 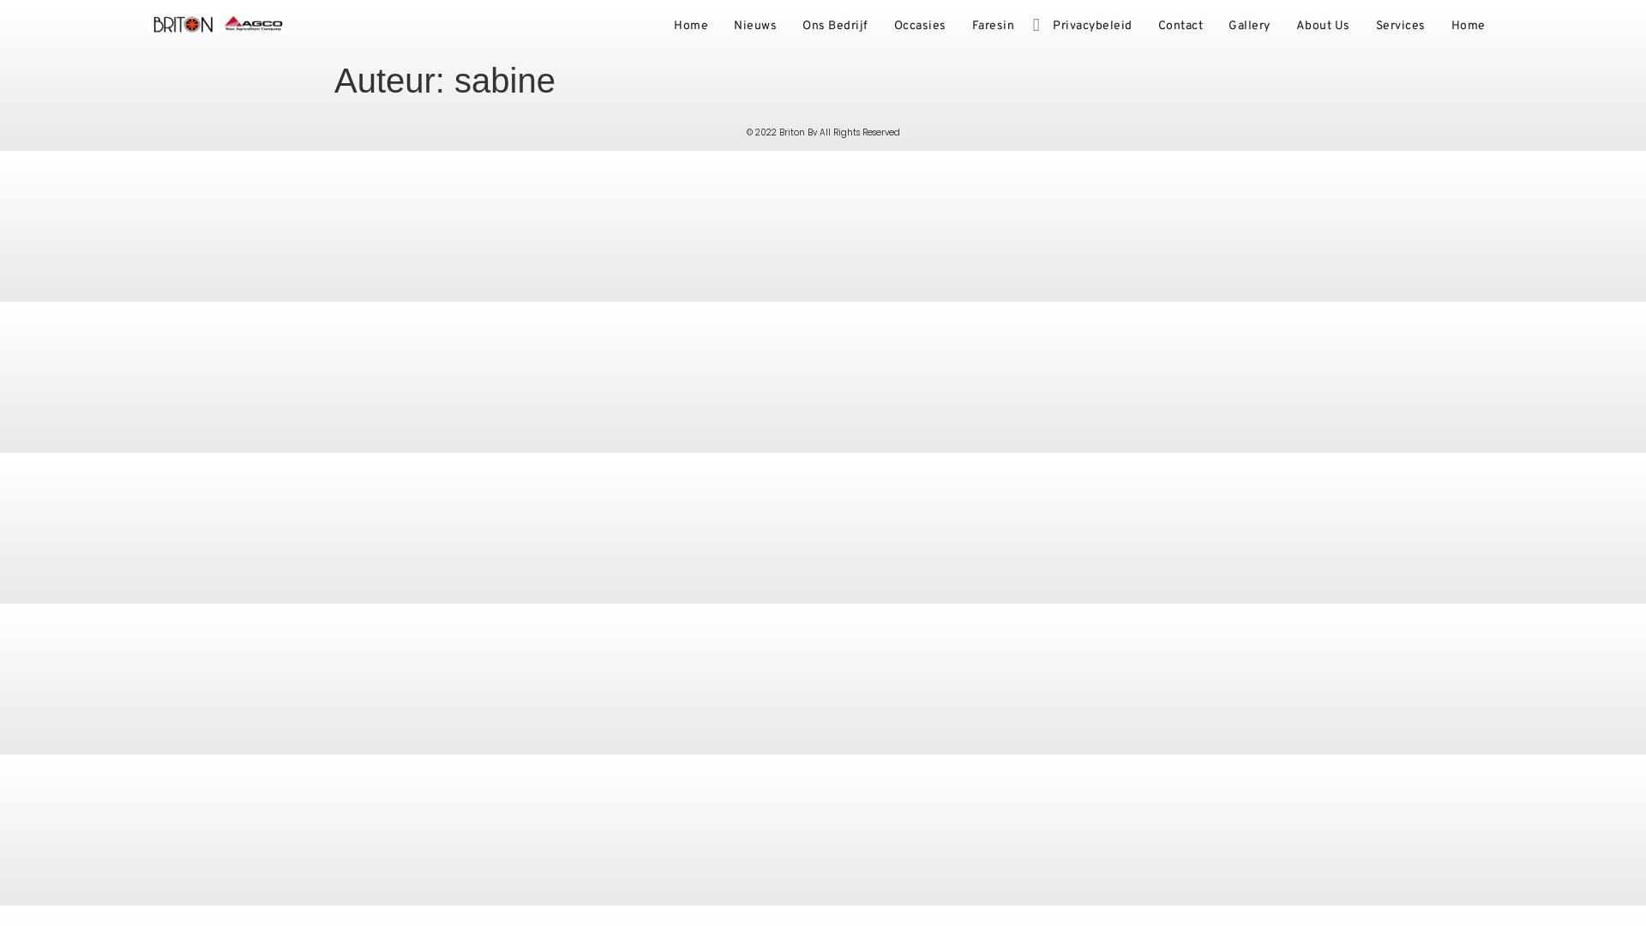 I want to click on 'Nieuws', so click(x=754, y=26).